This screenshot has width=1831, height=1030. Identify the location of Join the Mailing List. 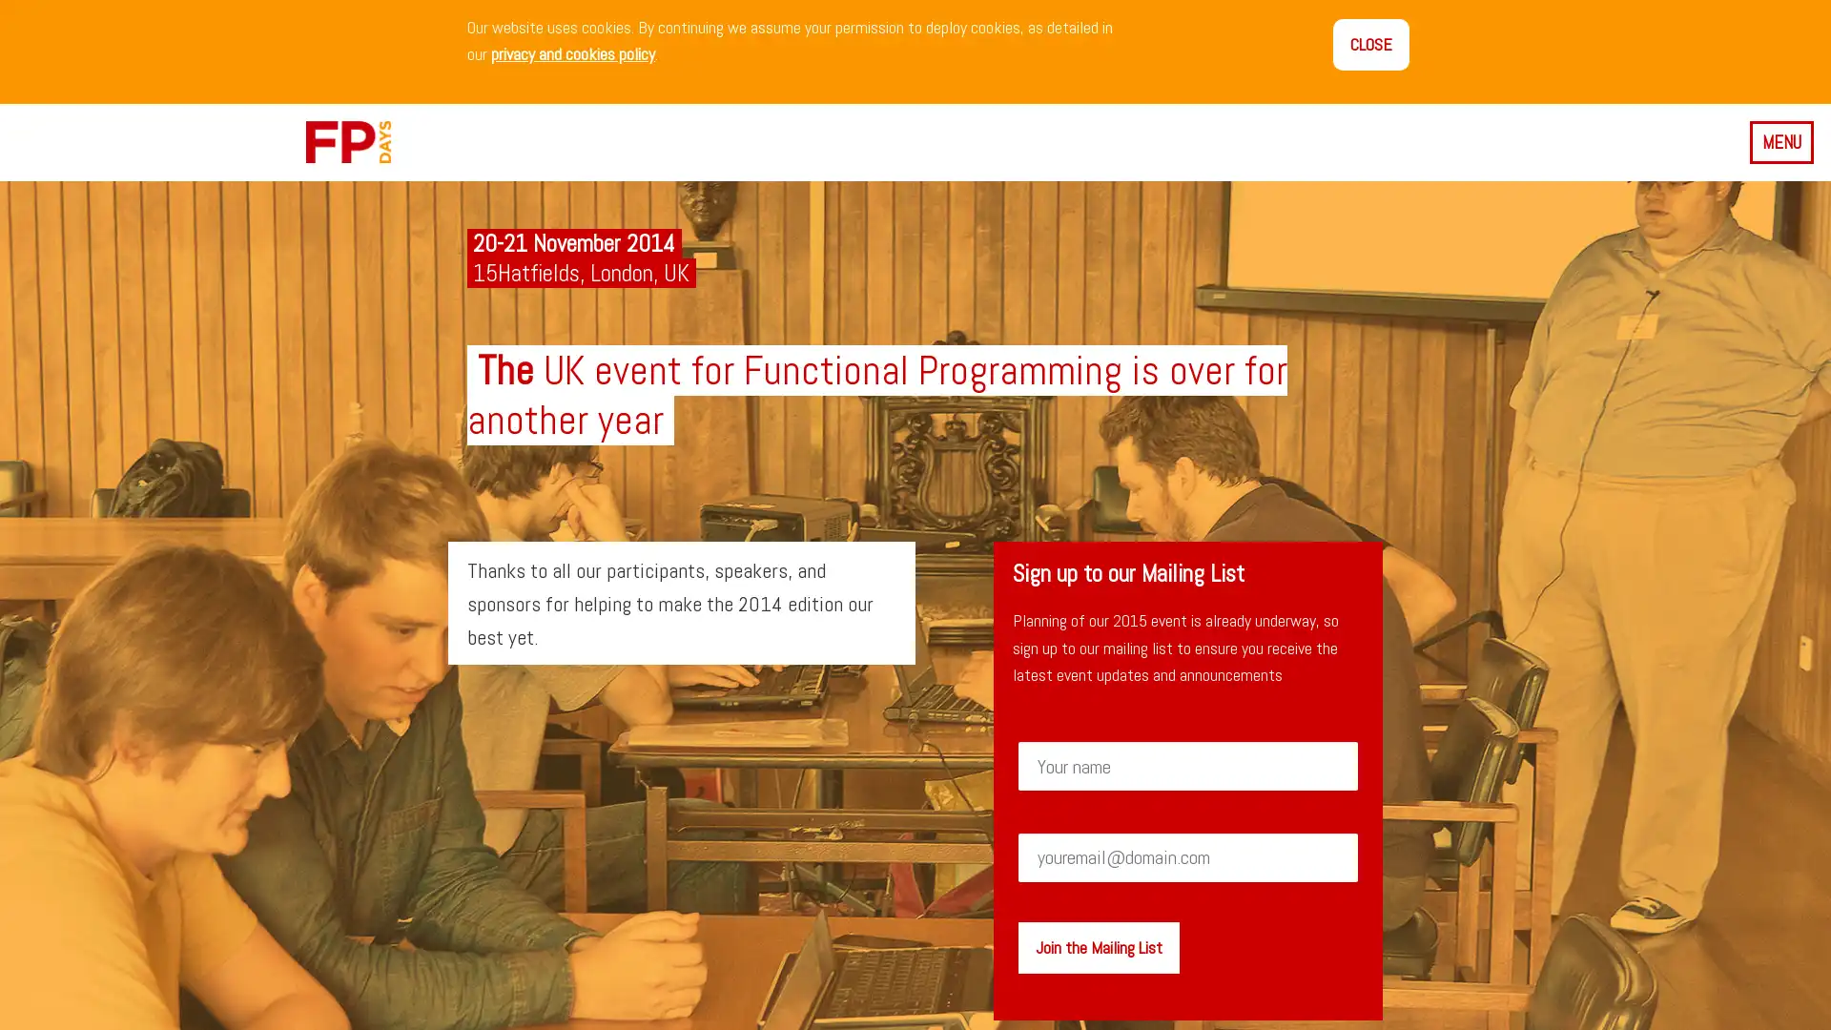
(1098, 946).